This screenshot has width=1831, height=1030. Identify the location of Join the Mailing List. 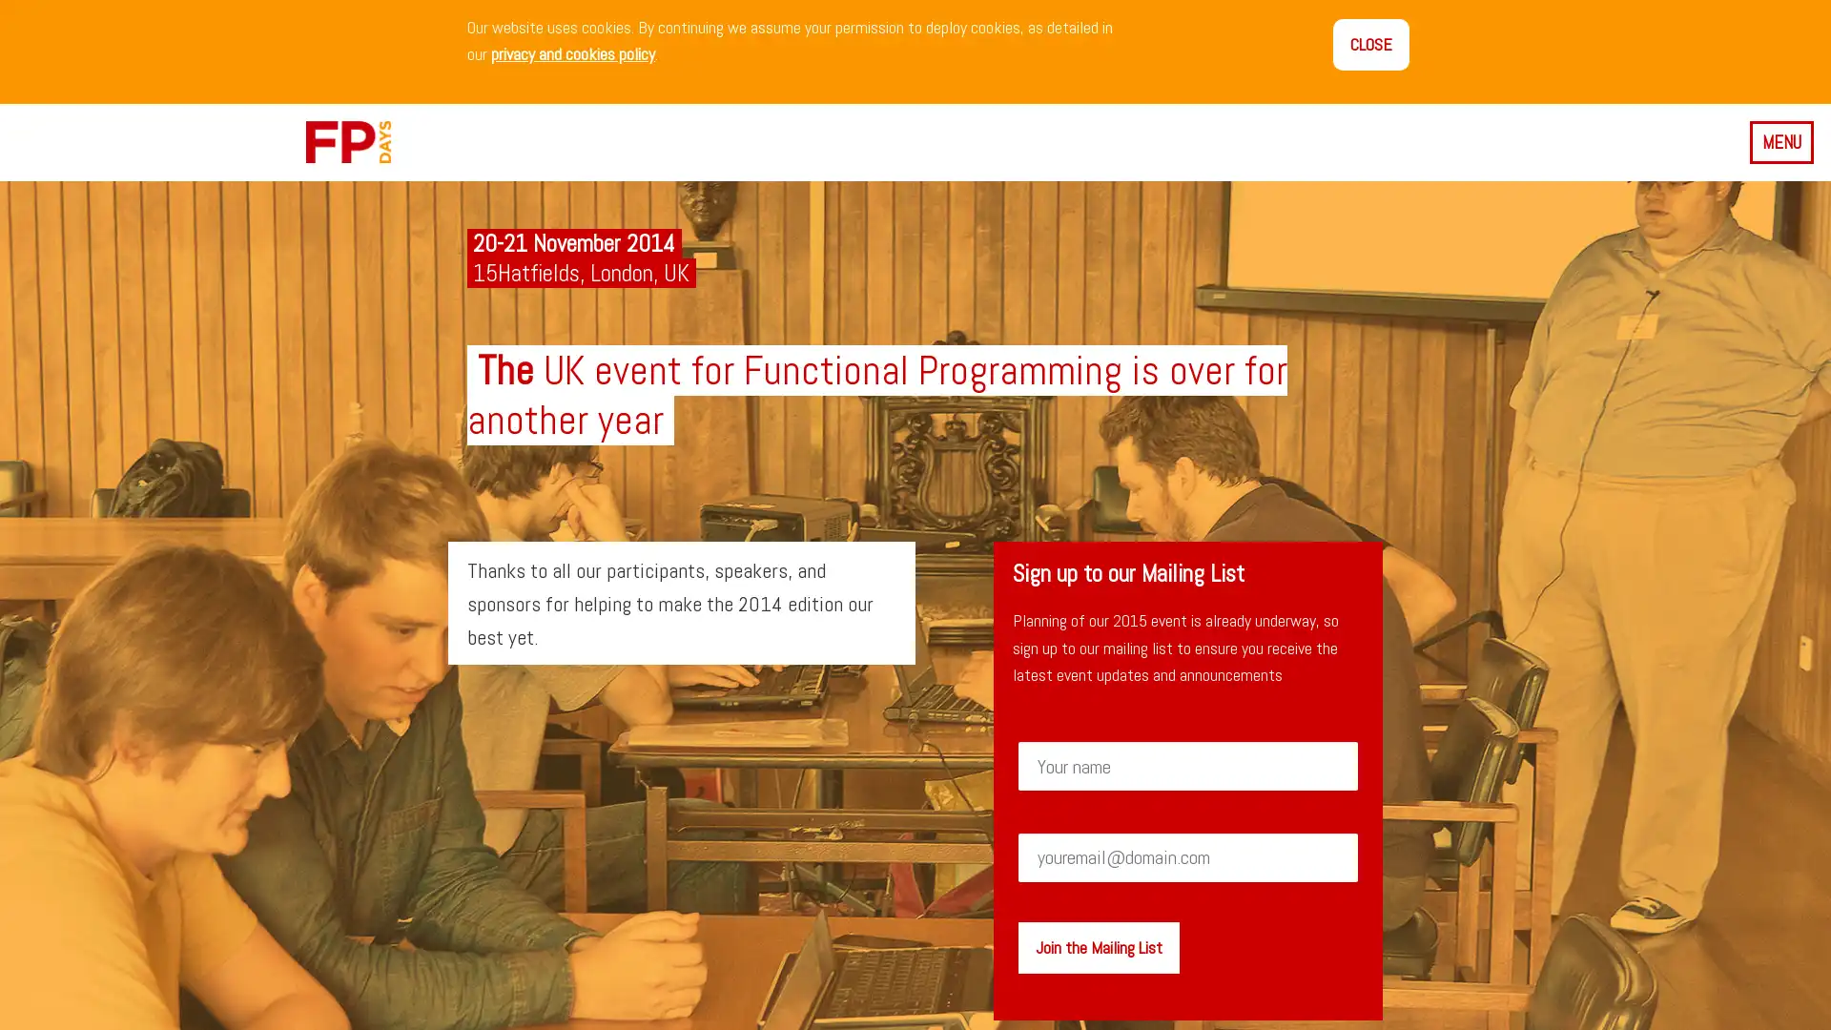
(1098, 946).